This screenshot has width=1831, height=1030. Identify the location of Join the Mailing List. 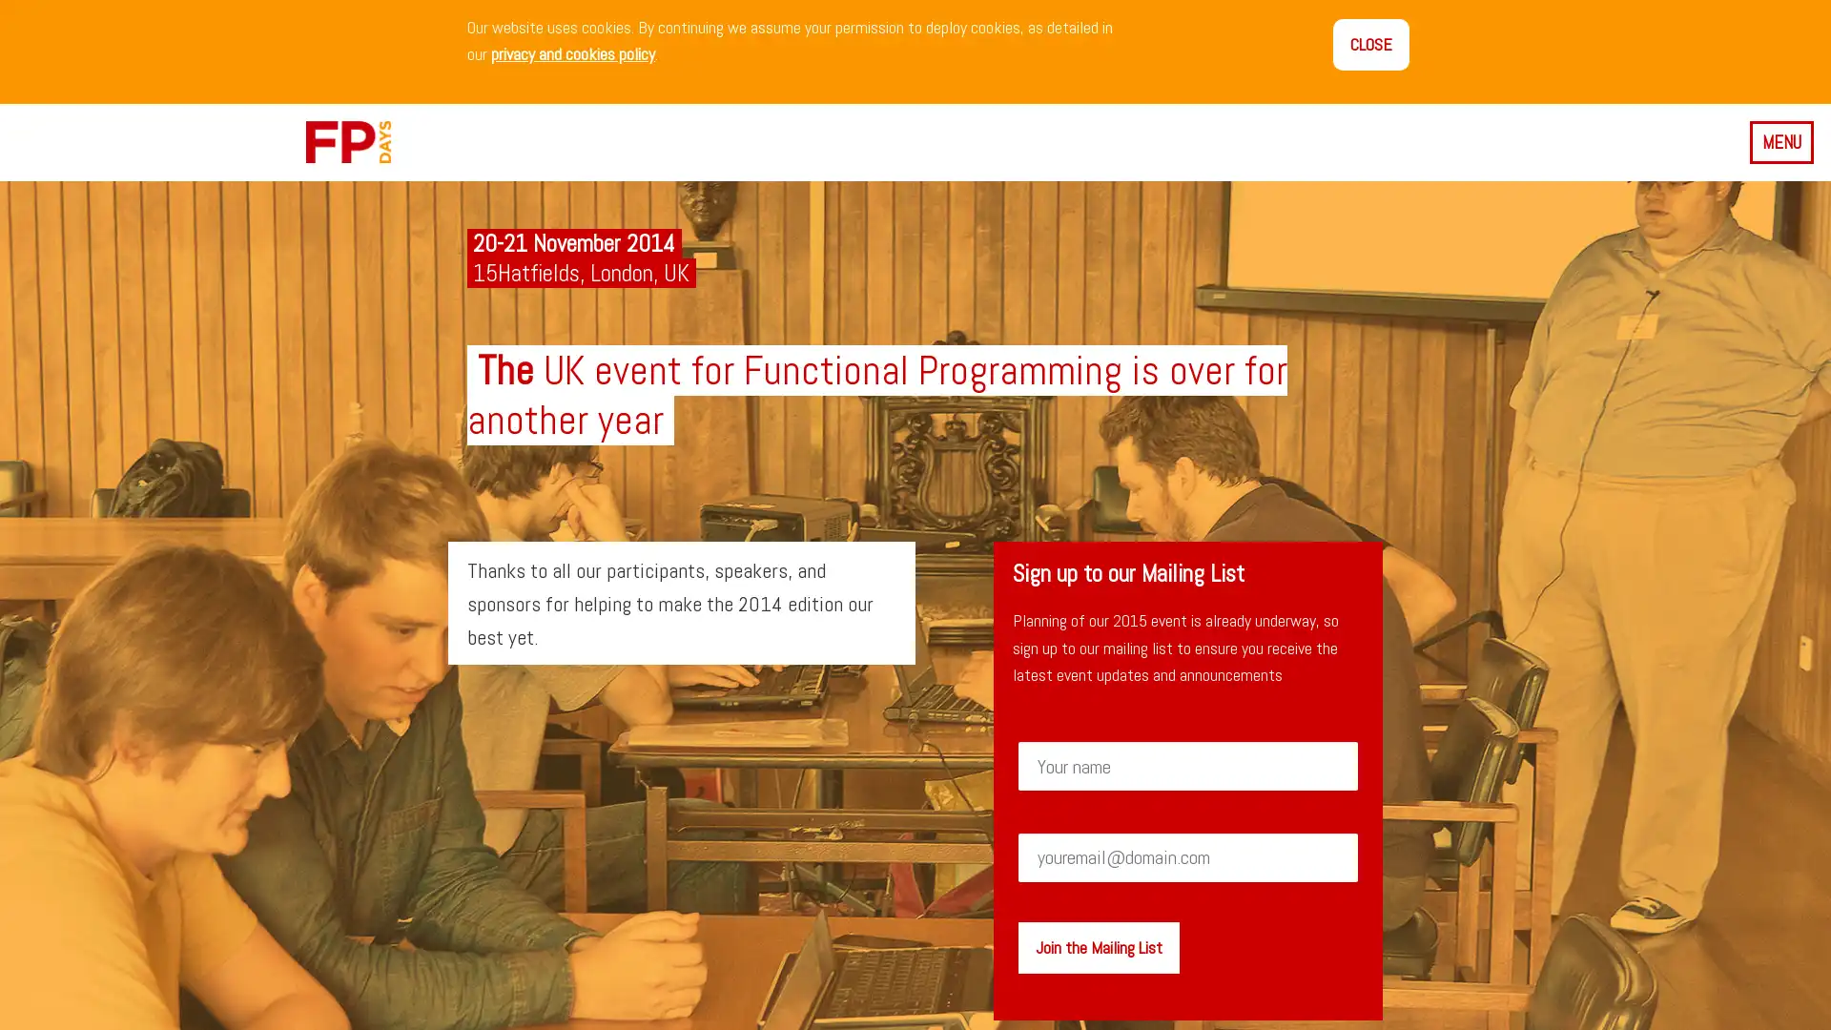
(1098, 946).